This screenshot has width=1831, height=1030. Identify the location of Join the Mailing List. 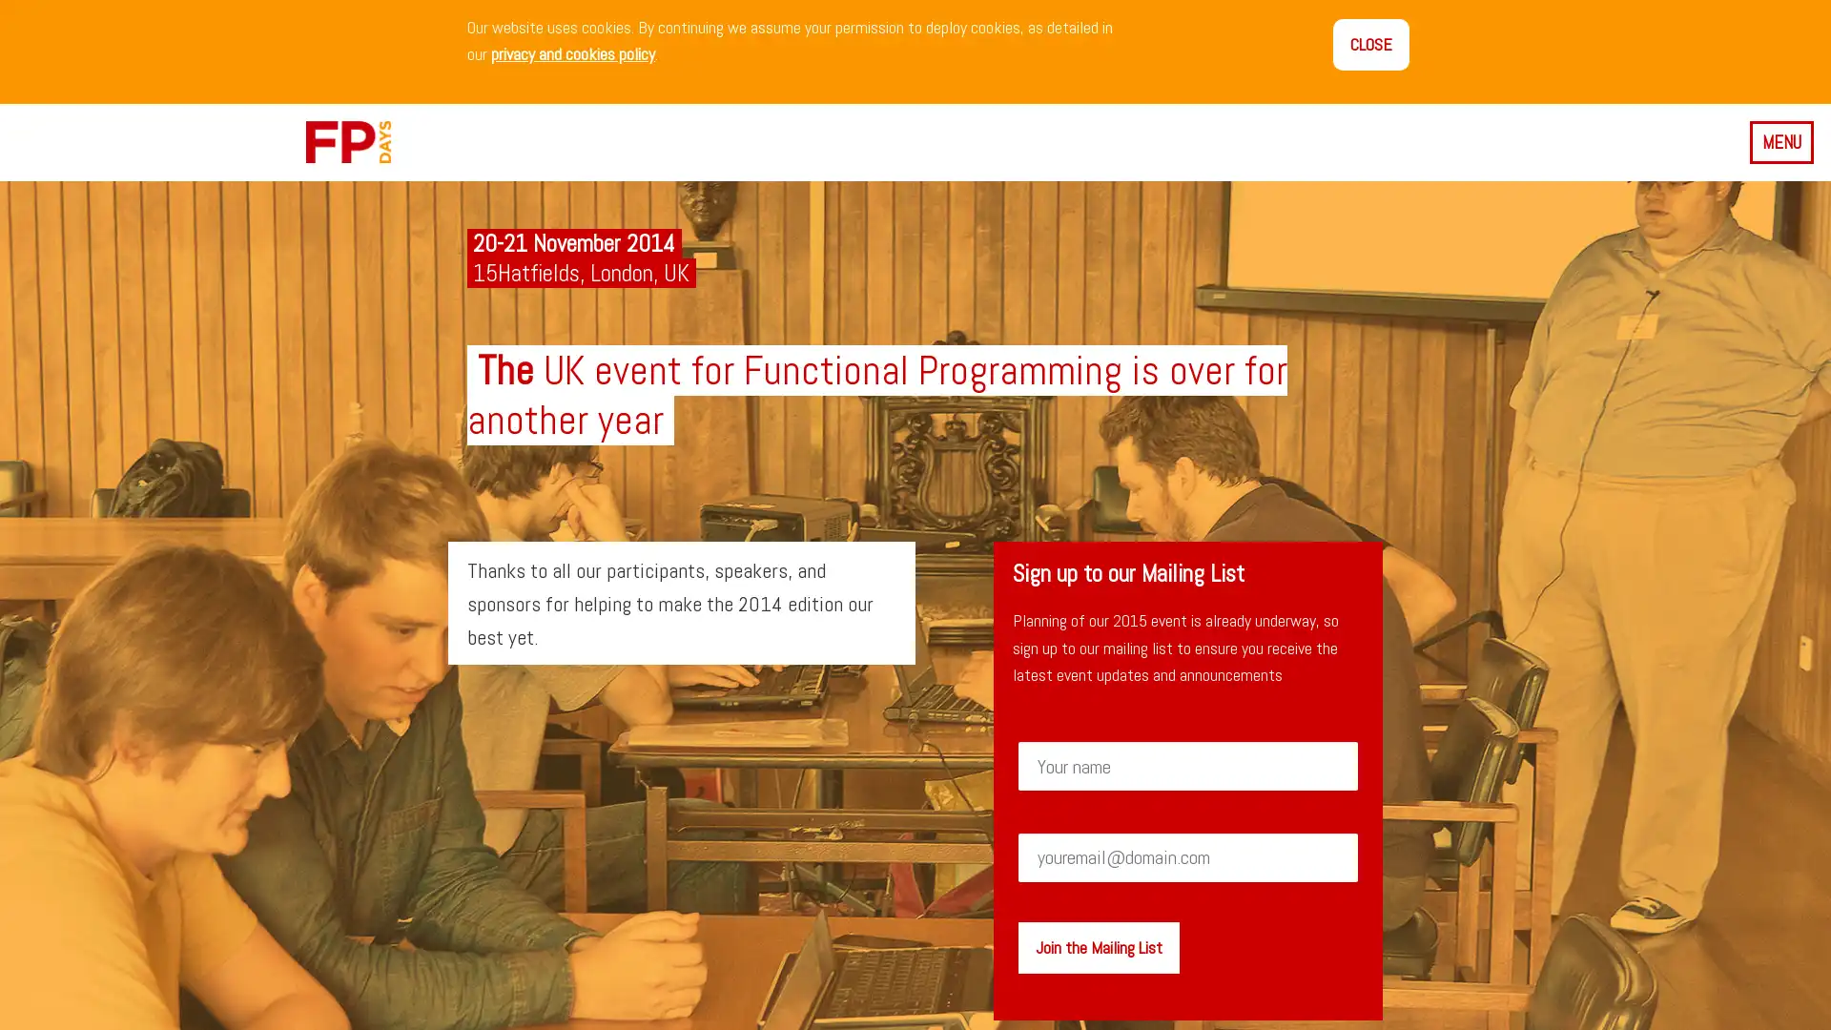
(1098, 946).